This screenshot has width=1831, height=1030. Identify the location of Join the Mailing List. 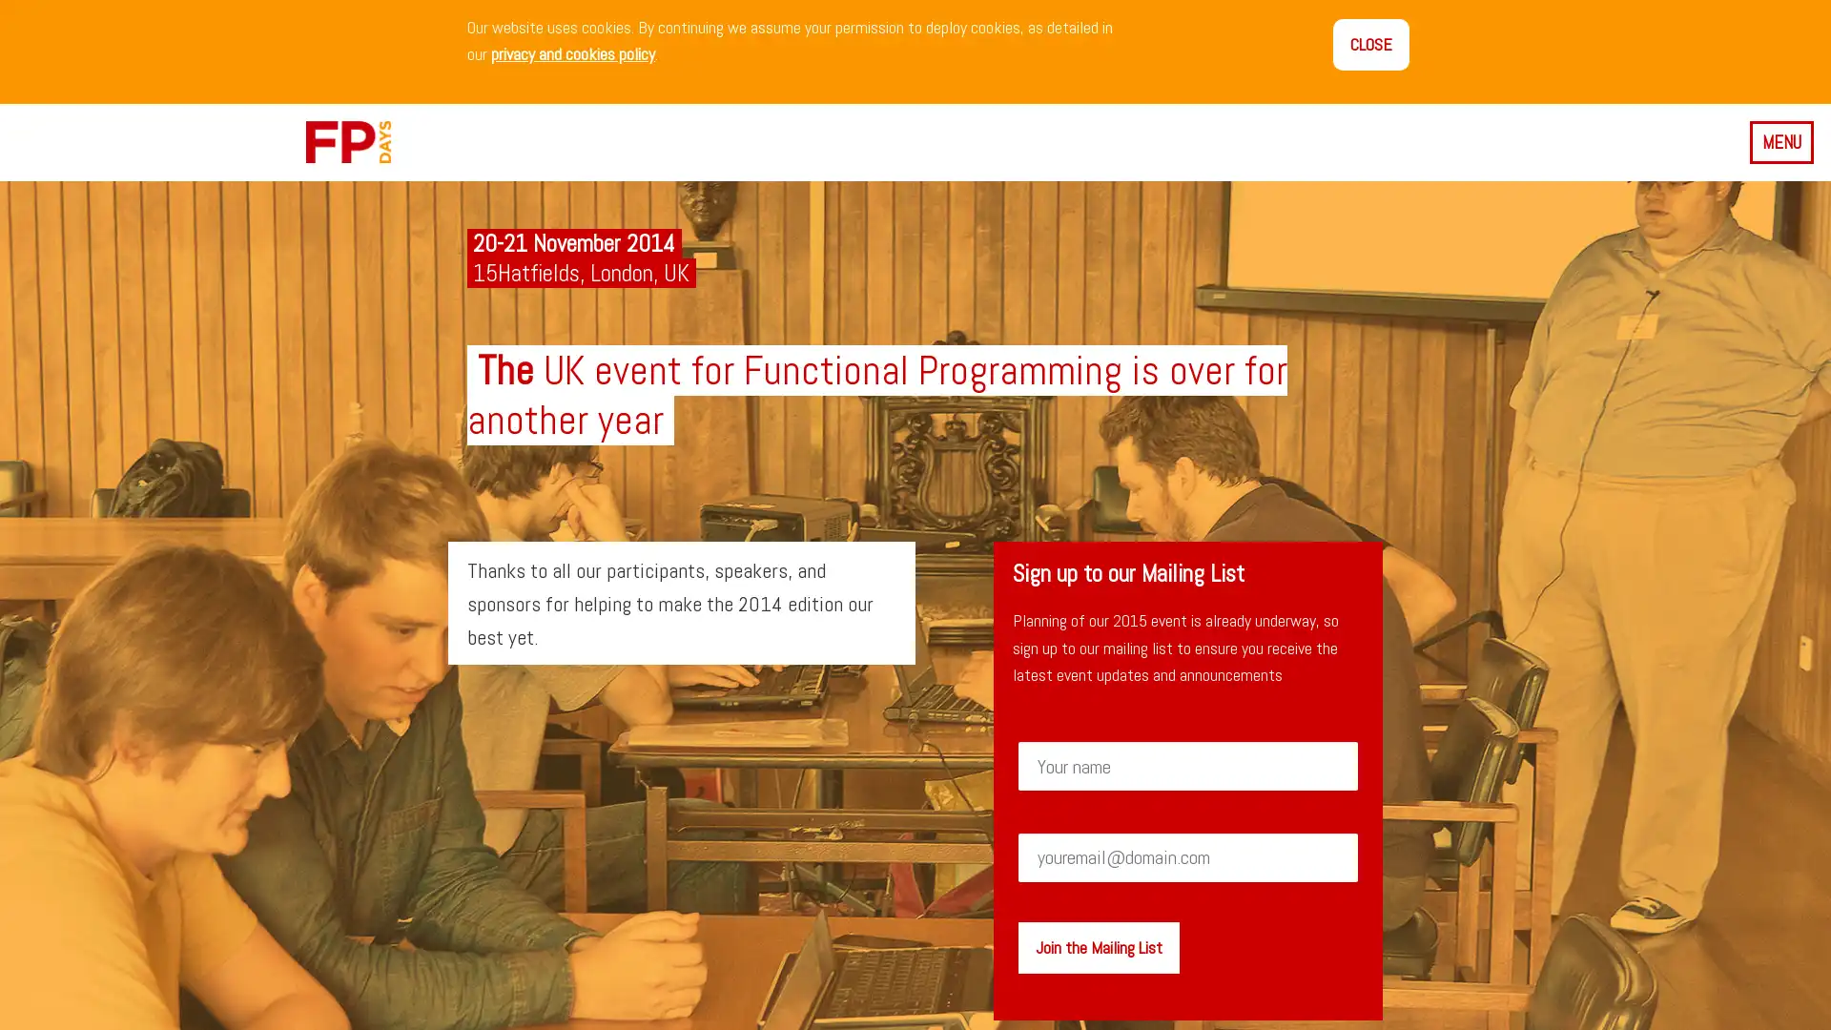
(1098, 946).